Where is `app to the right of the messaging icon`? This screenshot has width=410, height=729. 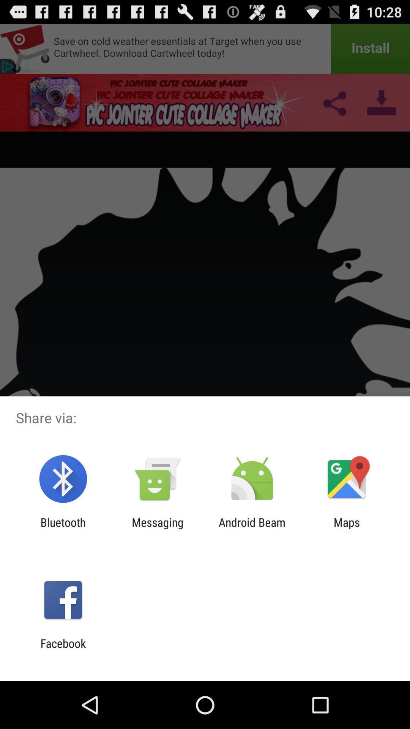 app to the right of the messaging icon is located at coordinates (252, 529).